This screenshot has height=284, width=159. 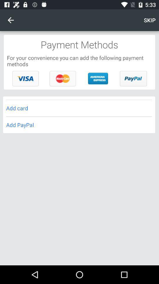 I want to click on the icon above payment methods icon, so click(x=11, y=20).